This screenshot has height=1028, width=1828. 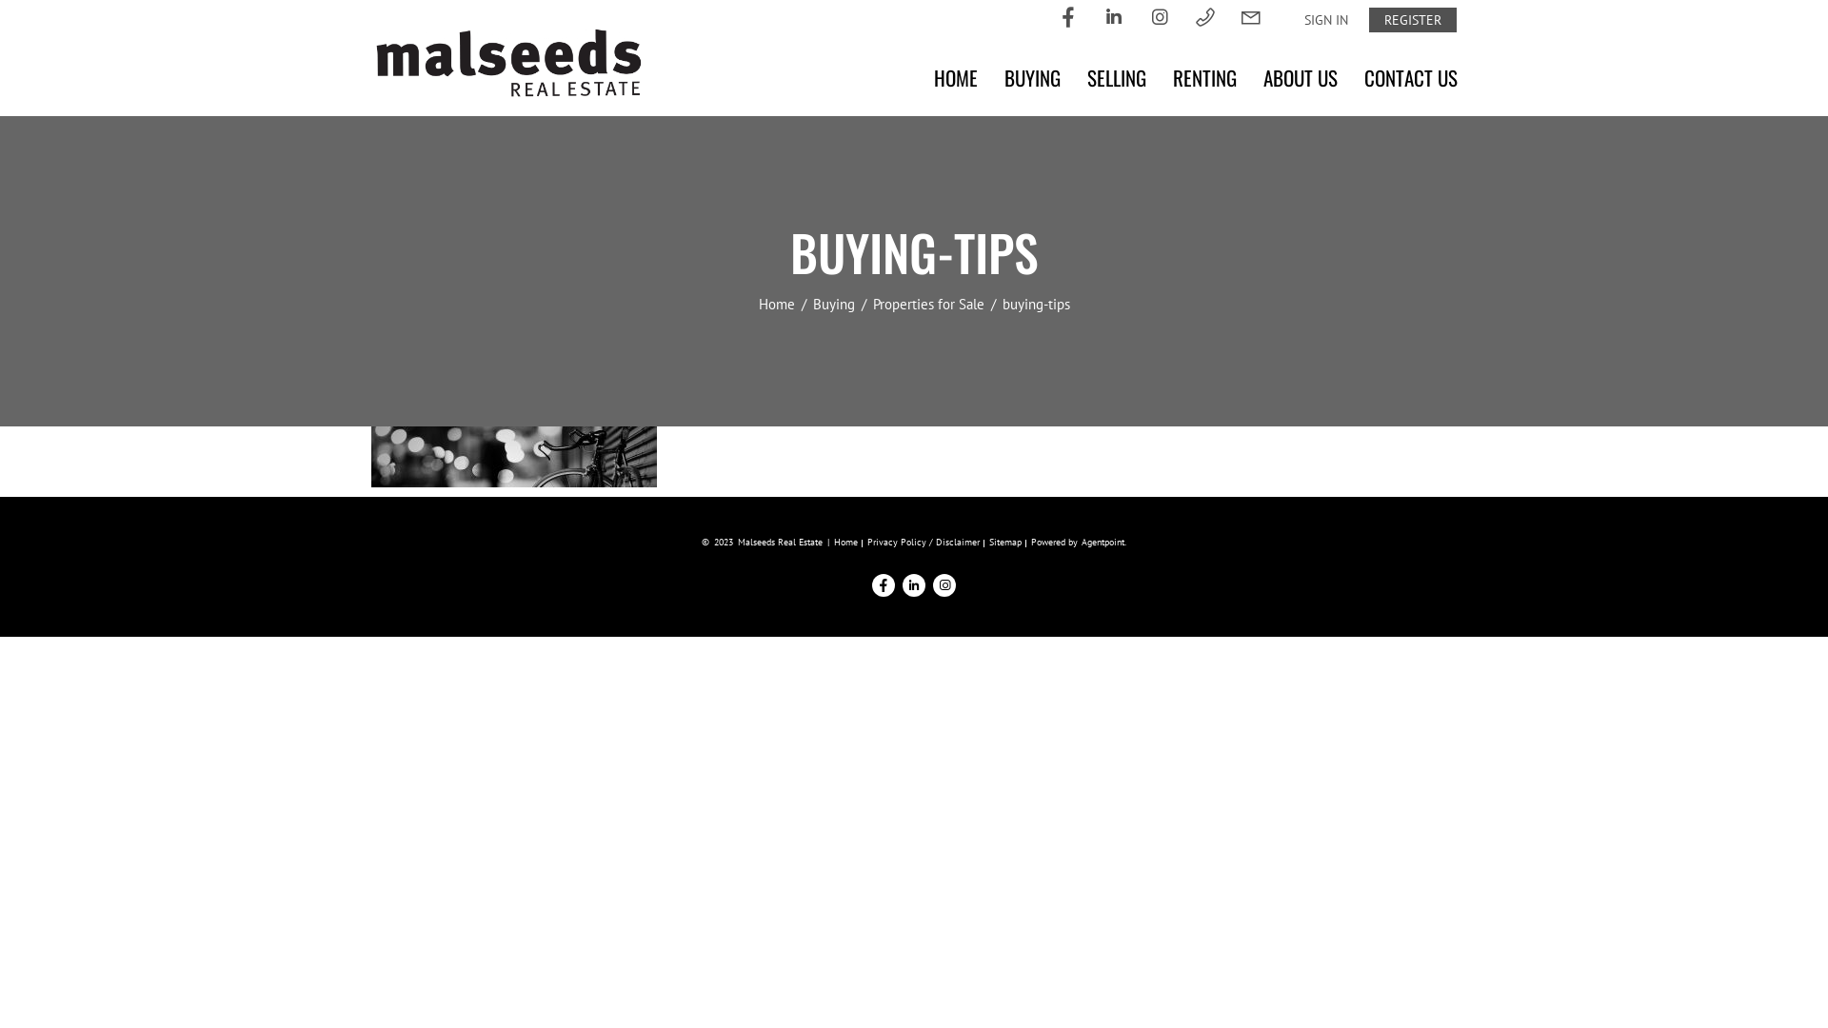 What do you see at coordinates (1203, 76) in the screenshot?
I see `'RENTING'` at bounding box center [1203, 76].